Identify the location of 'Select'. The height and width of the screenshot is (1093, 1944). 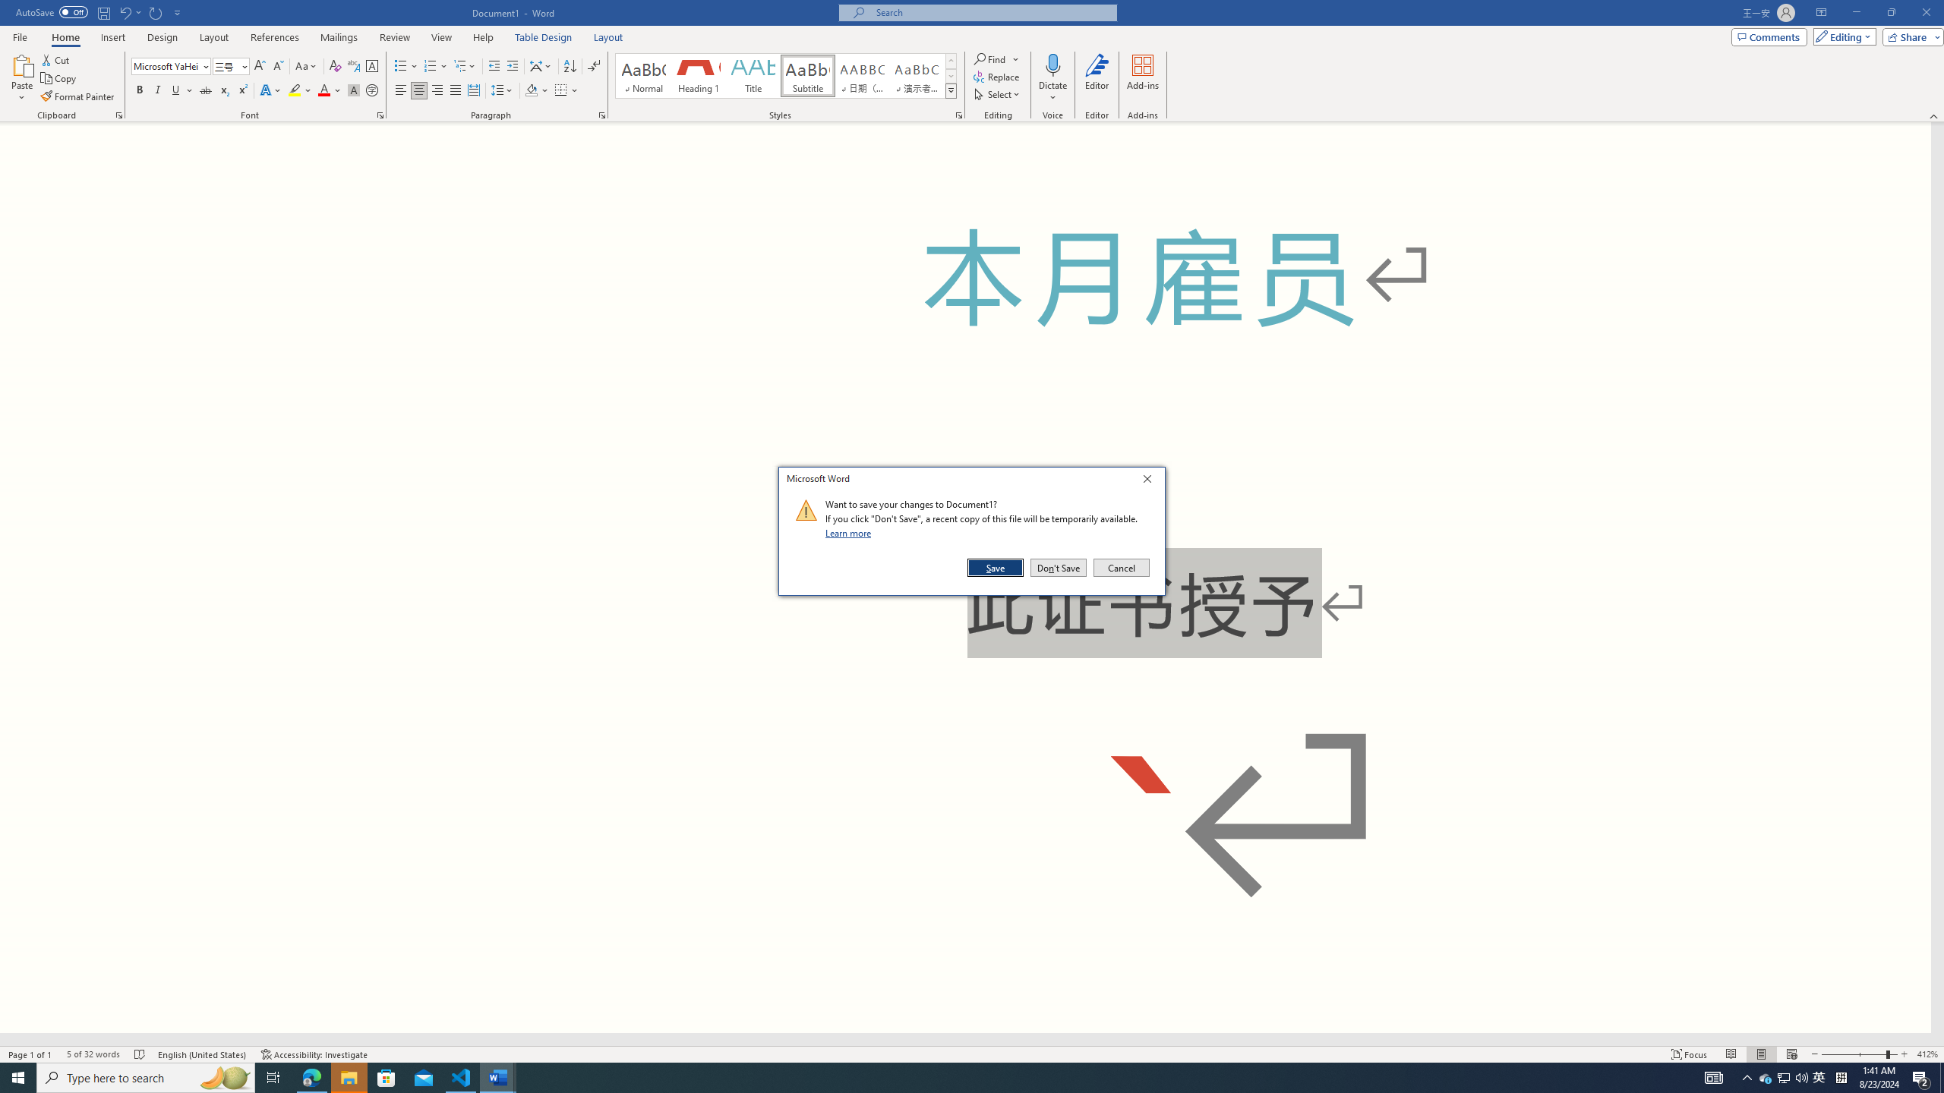
(997, 93).